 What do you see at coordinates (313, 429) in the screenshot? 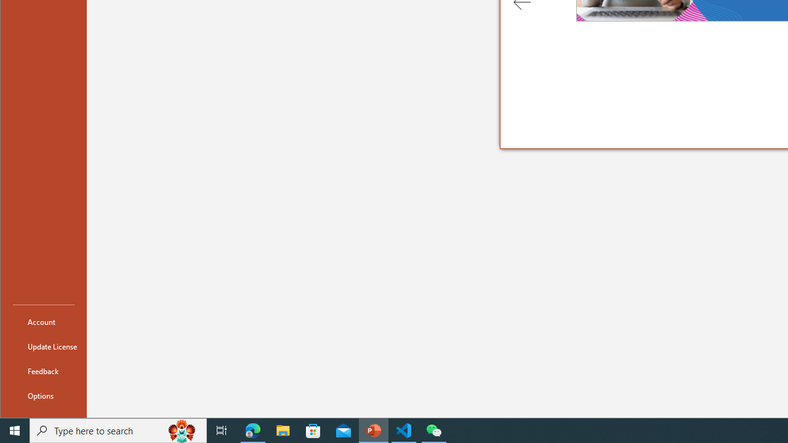
I see `'Microsoft Store'` at bounding box center [313, 429].